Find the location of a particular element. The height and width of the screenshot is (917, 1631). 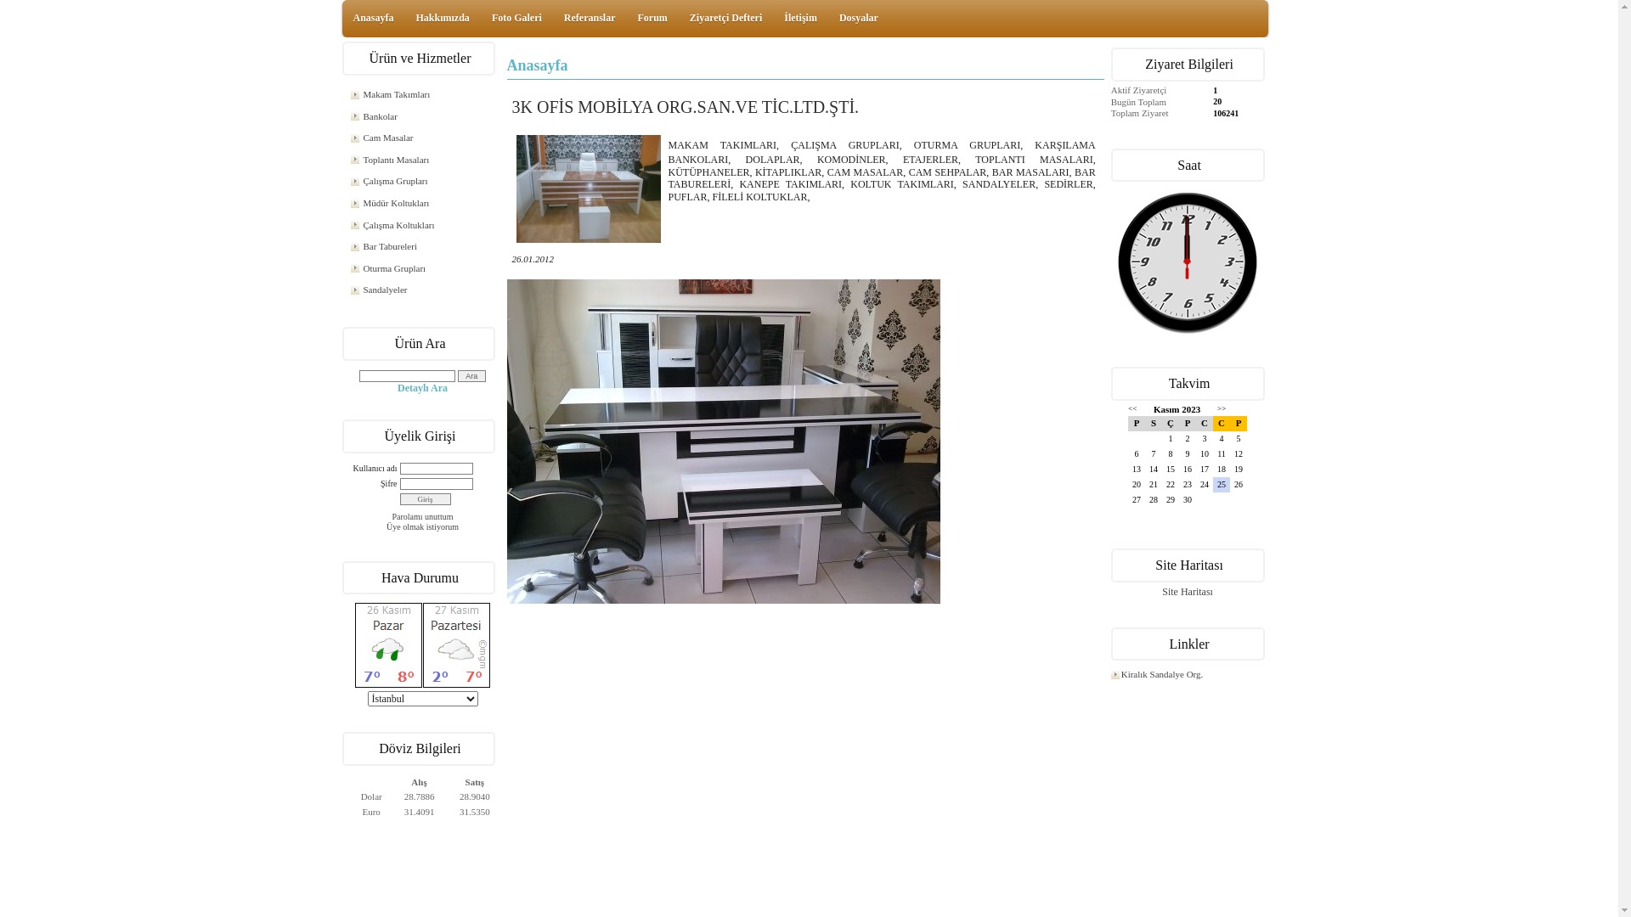

'11' is located at coordinates (1221, 453).